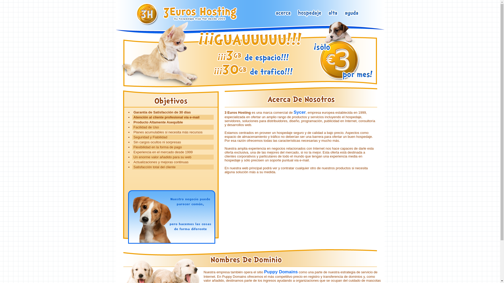 Image resolution: width=504 pixels, height=283 pixels. What do you see at coordinates (283, 13) in the screenshot?
I see `'acerca'` at bounding box center [283, 13].